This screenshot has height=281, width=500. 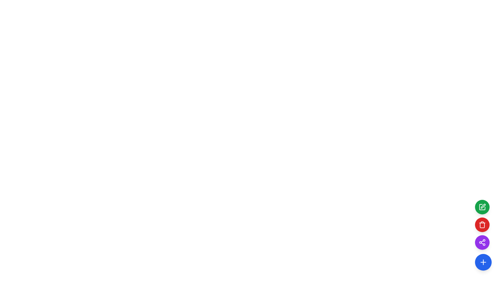 I want to click on the circular blue button with a white plus symbol (+) located at the bottom of a vertical stack of buttons in the bottom-right corner of the interface, so click(x=483, y=262).